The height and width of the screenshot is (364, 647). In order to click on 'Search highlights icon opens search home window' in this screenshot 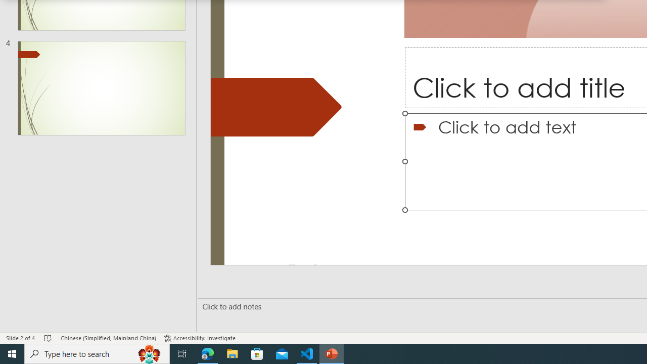, I will do `click(149, 353)`.